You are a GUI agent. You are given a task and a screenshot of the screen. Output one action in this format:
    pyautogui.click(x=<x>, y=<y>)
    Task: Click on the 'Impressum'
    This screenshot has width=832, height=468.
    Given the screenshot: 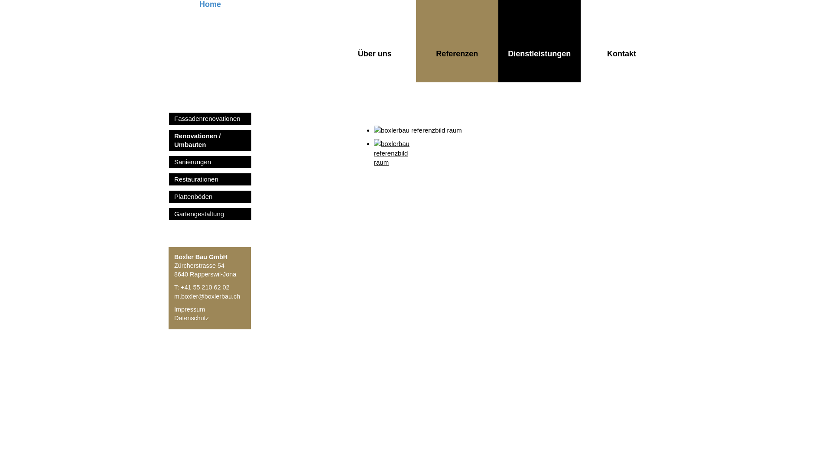 What is the action you would take?
    pyautogui.click(x=174, y=309)
    